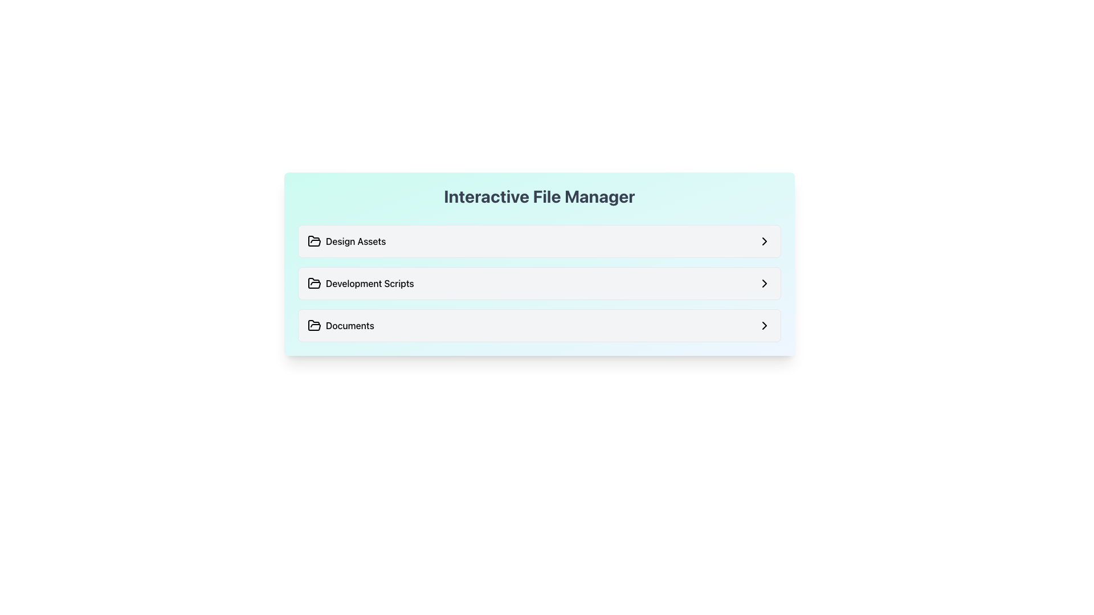  Describe the element at coordinates (765, 325) in the screenshot. I see `the chevron-right icon located at the far right of the 'Documents' section, which is styled as a card and aligned with the text label 'Documents'` at that location.